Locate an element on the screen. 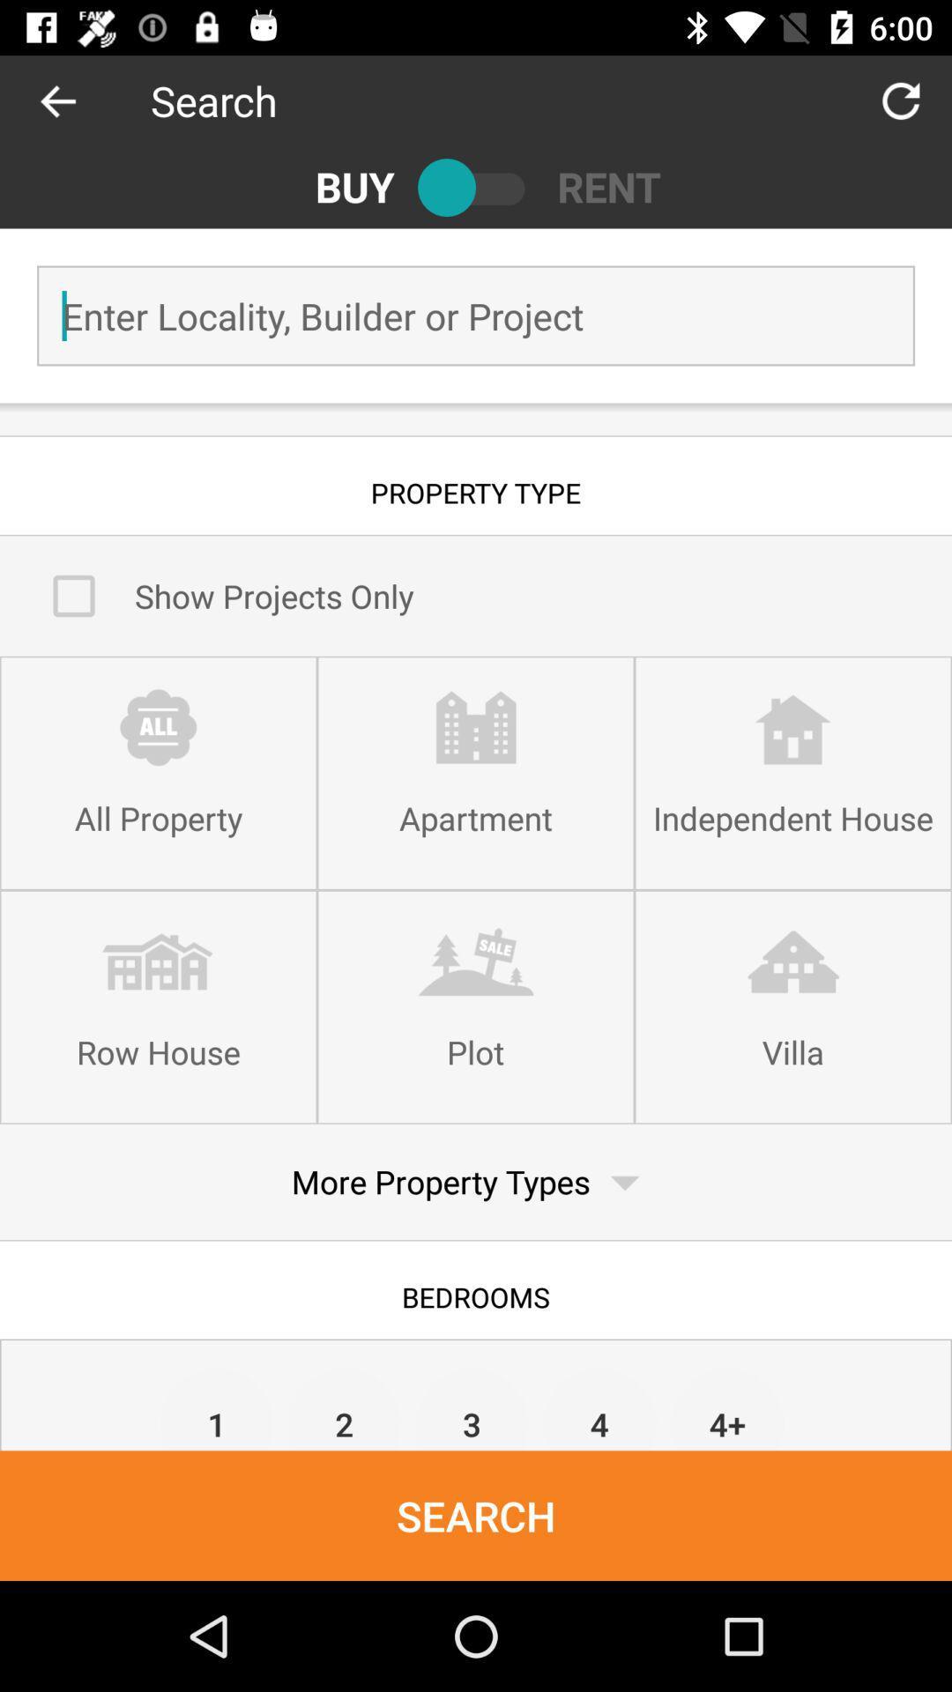  the refresh icon is located at coordinates (901, 100).